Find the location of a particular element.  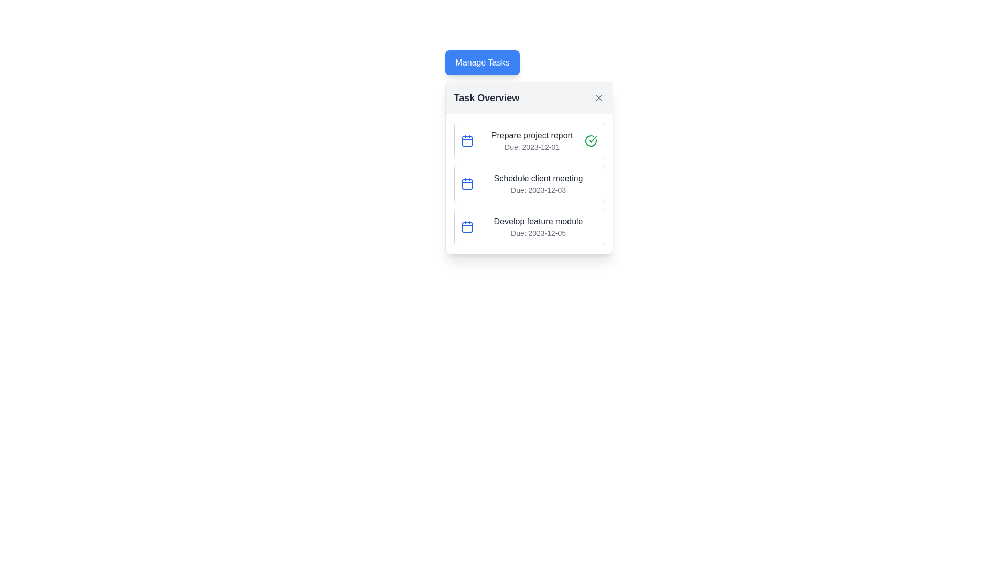

the 'X' button located at the top-right corner of the 'Task Overview' header for keyboard interaction is located at coordinates (598, 97).